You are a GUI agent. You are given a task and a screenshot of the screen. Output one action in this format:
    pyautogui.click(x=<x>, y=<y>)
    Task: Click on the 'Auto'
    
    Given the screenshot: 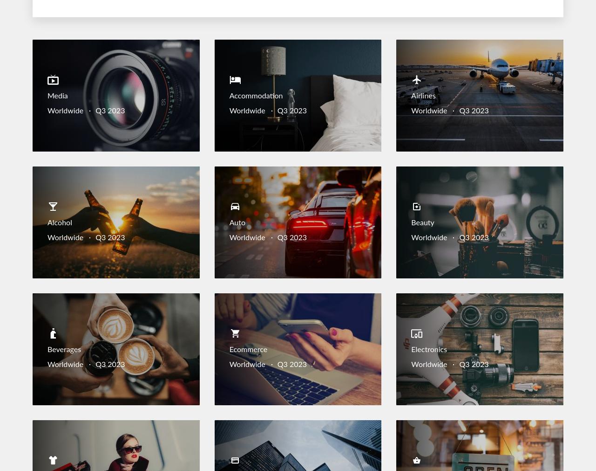 What is the action you would take?
    pyautogui.click(x=237, y=223)
    